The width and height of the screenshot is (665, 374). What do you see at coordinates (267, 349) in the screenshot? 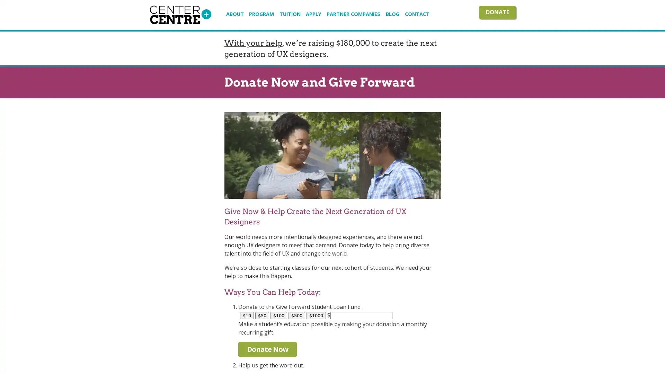
I see `Donate Now` at bounding box center [267, 349].